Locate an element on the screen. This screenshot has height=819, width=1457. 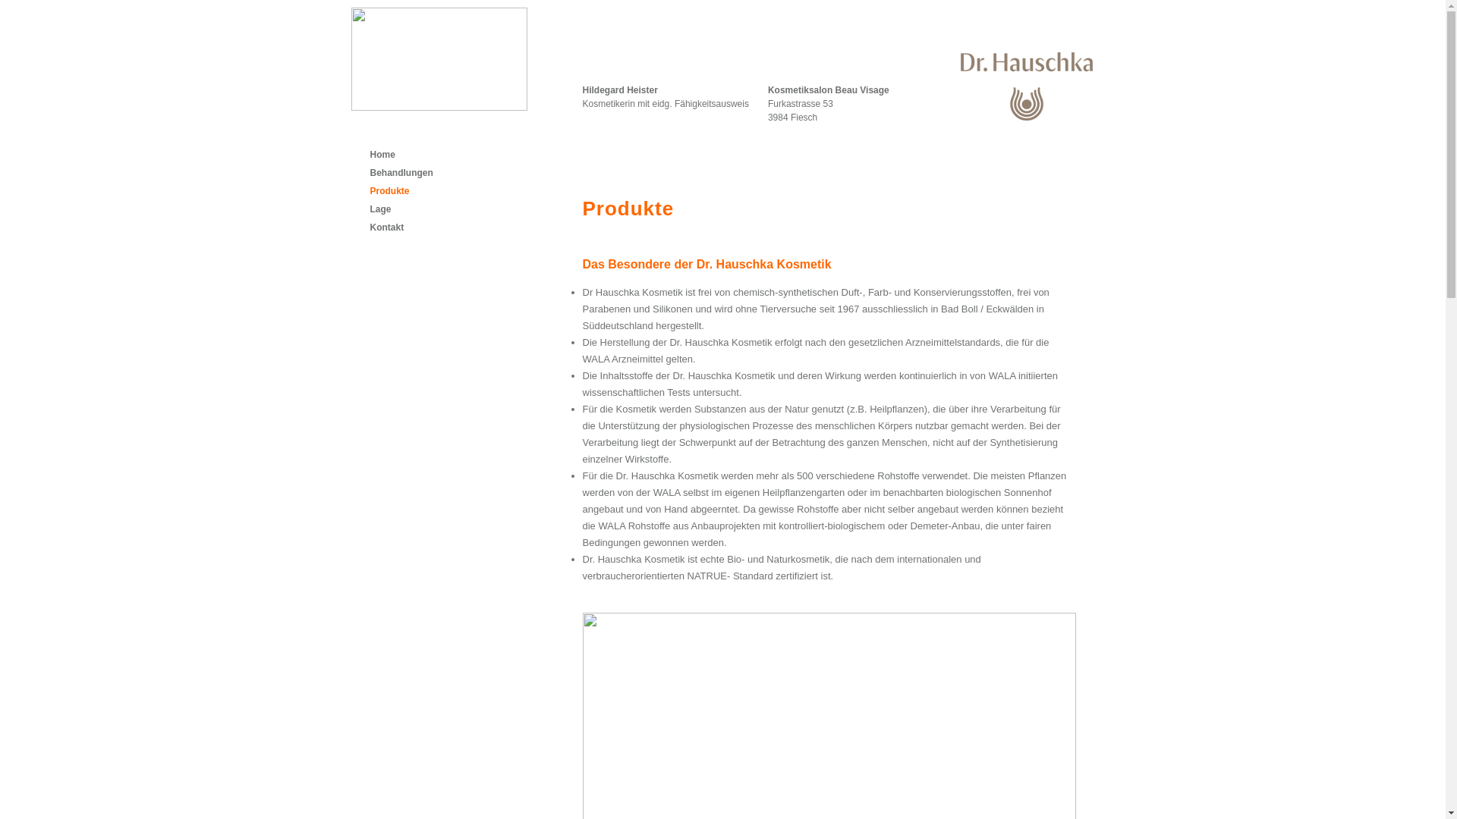
'Behandlungen' is located at coordinates (401, 171).